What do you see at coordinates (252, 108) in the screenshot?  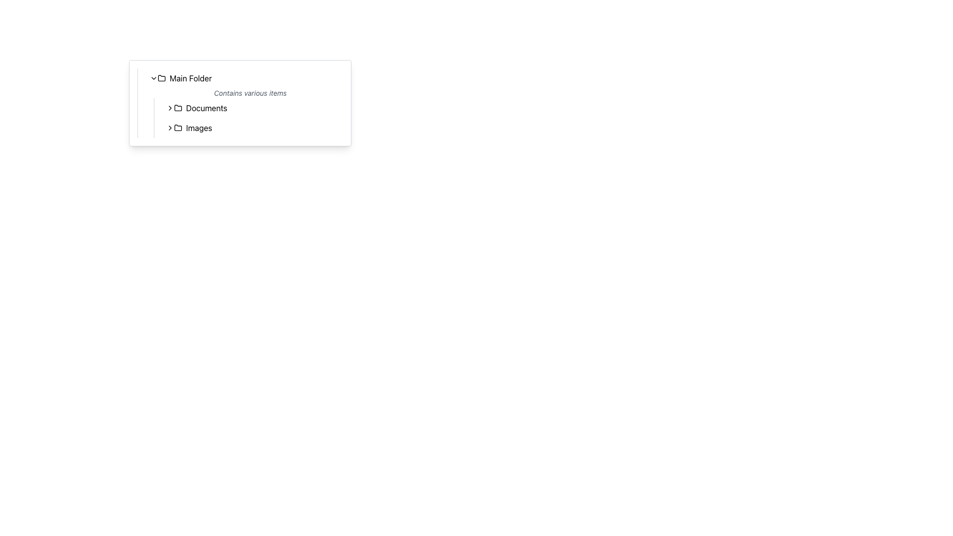 I see `the 'Documents' button` at bounding box center [252, 108].